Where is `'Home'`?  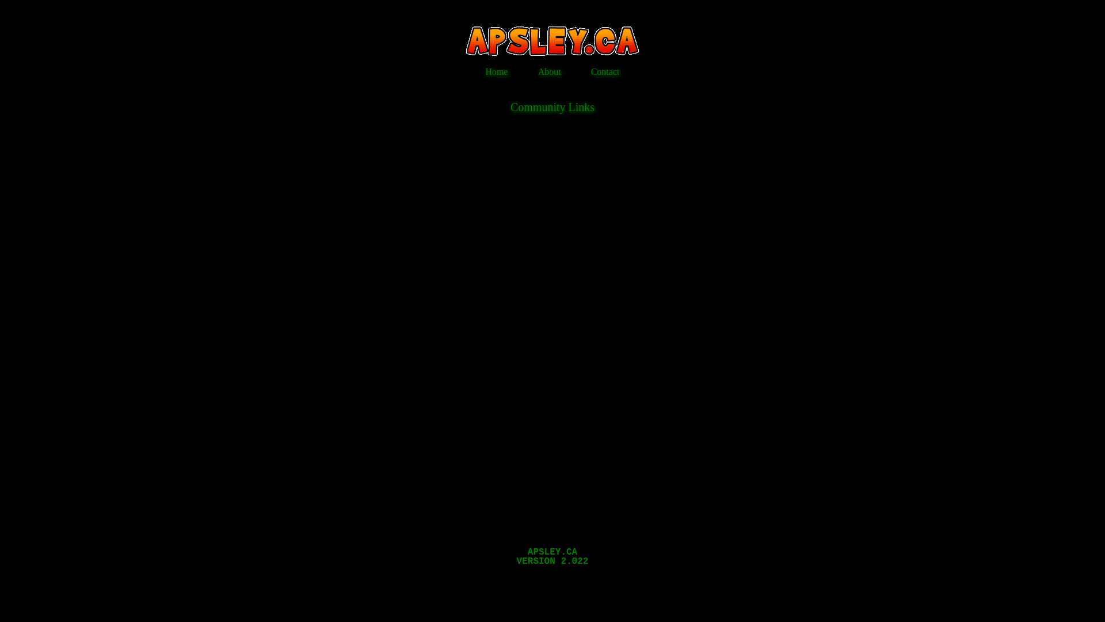
'Home' is located at coordinates (480, 71).